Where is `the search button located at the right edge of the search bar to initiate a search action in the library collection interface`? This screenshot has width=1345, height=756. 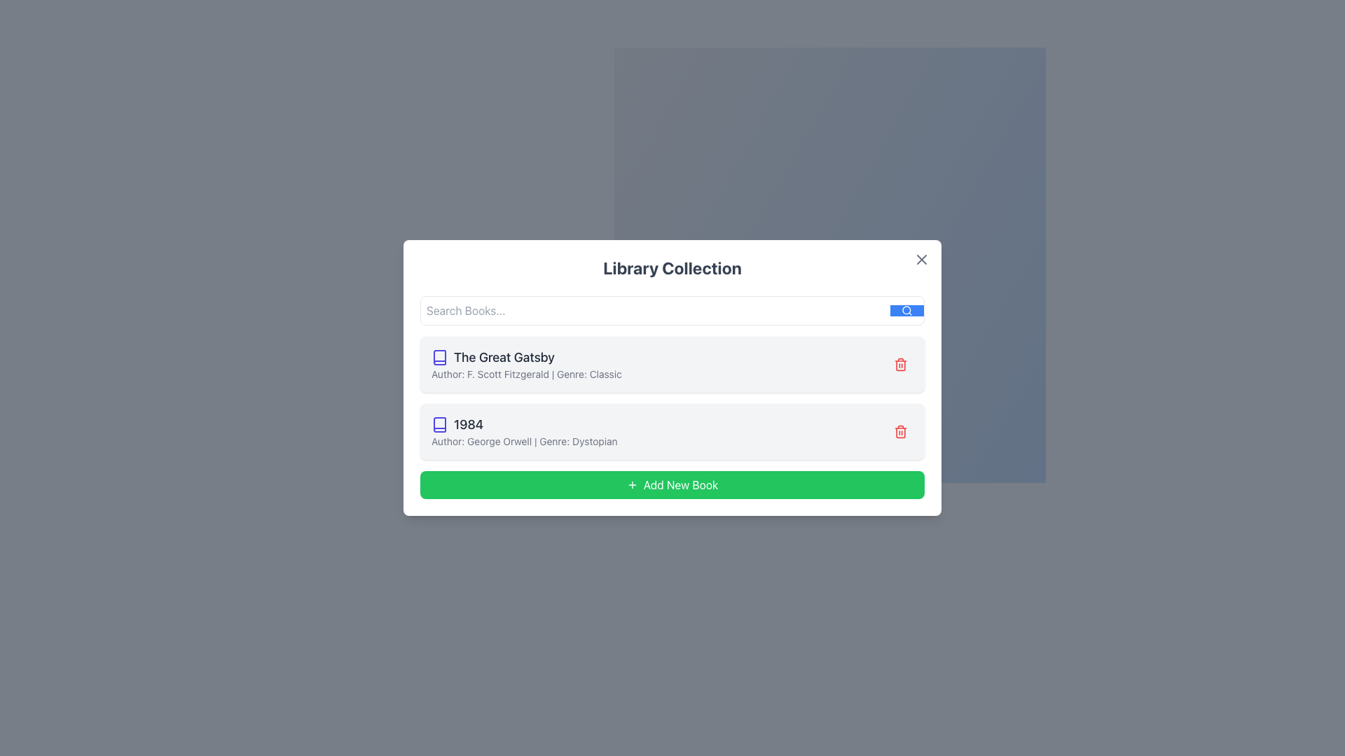 the search button located at the right edge of the search bar to initiate a search action in the library collection interface is located at coordinates (907, 309).